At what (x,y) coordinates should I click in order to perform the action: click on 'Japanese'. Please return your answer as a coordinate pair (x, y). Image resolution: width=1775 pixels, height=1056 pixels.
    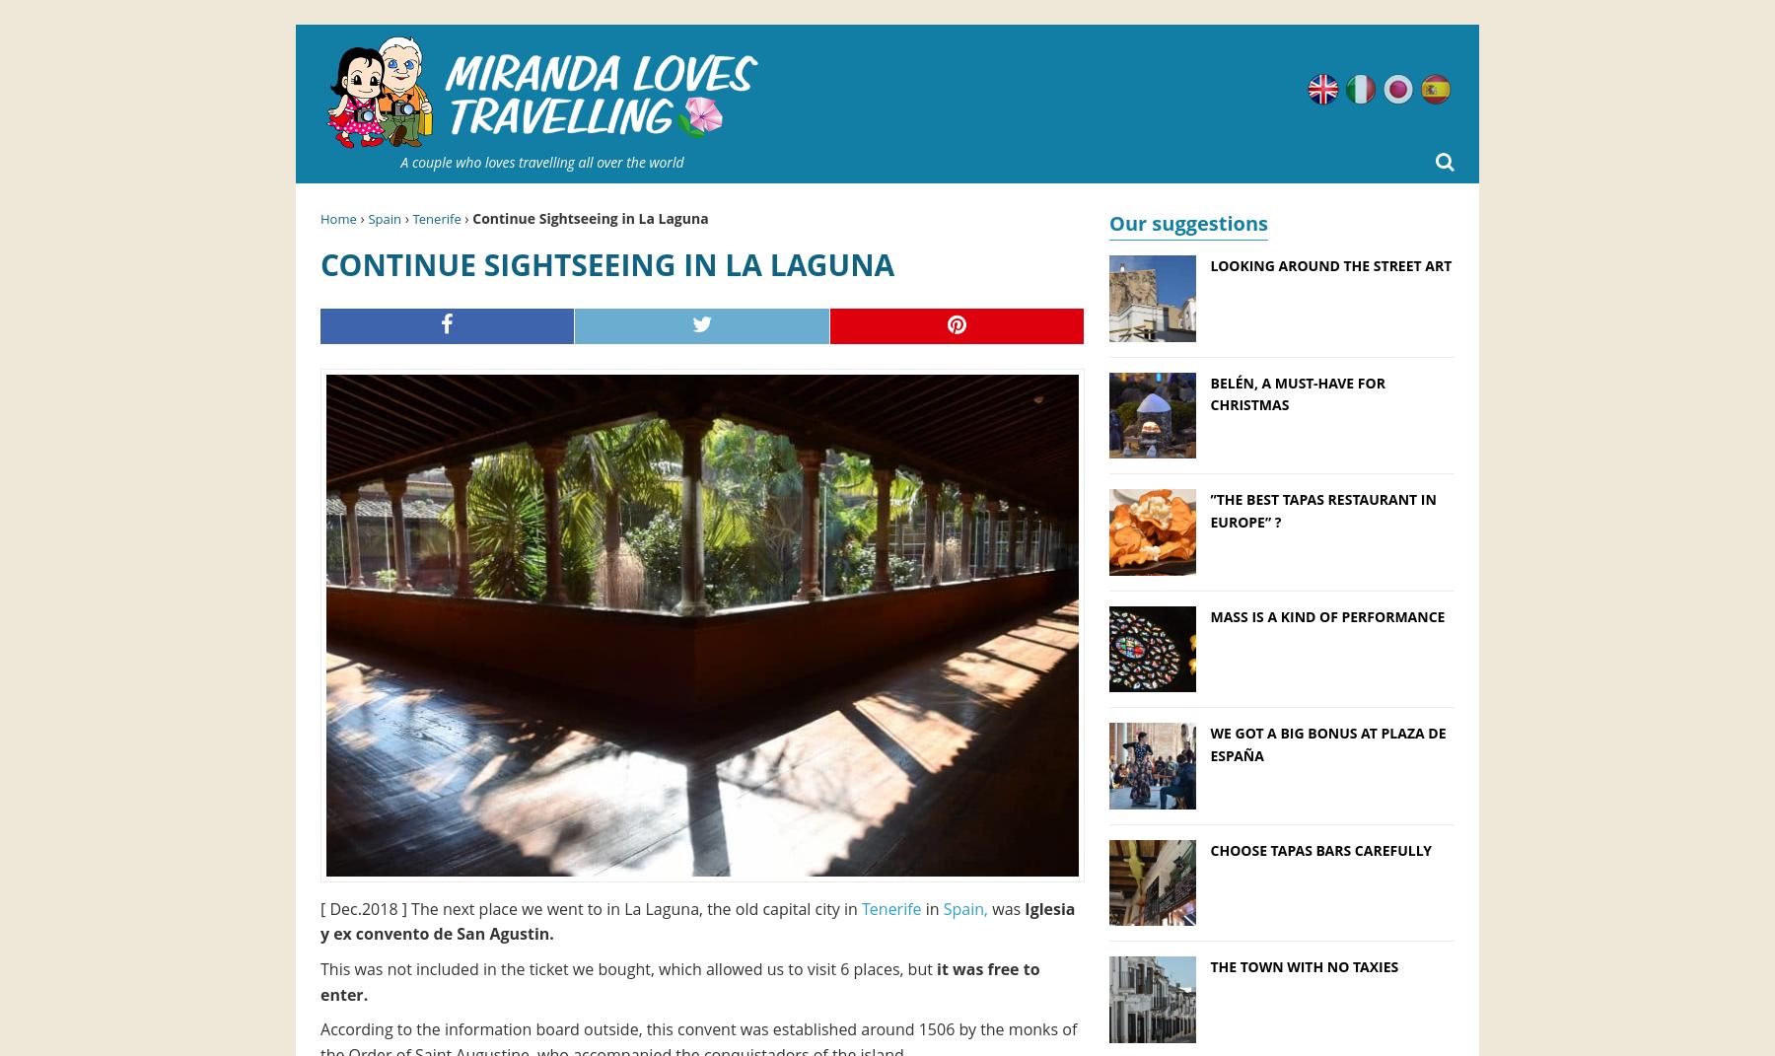
    Looking at the image, I should click on (1447, 85).